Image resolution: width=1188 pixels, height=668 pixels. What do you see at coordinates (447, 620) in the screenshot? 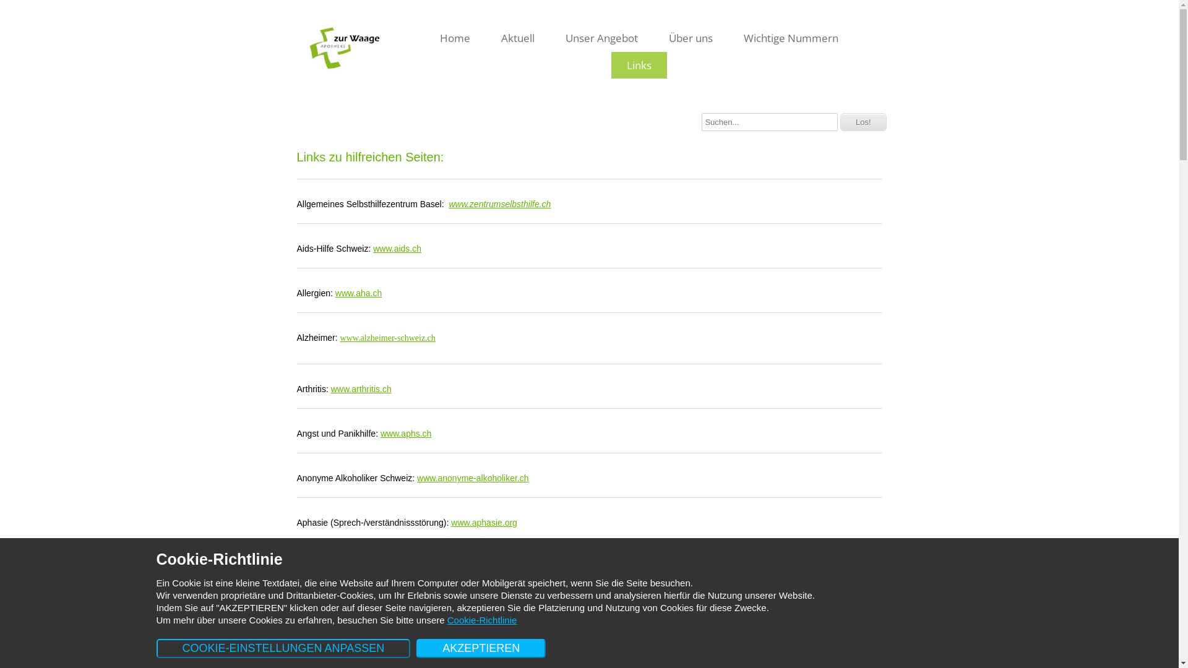
I see `'Cookie-Richtlinie'` at bounding box center [447, 620].